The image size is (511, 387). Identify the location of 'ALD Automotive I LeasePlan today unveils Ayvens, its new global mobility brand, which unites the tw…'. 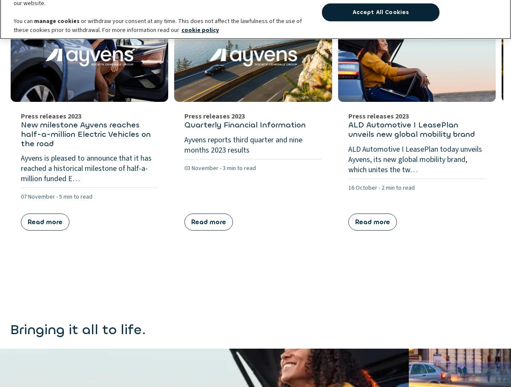
(415, 159).